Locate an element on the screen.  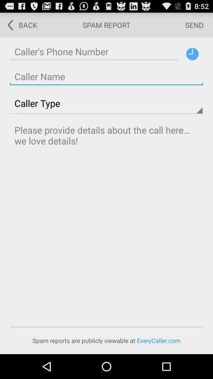
screen page is located at coordinates (106, 76).